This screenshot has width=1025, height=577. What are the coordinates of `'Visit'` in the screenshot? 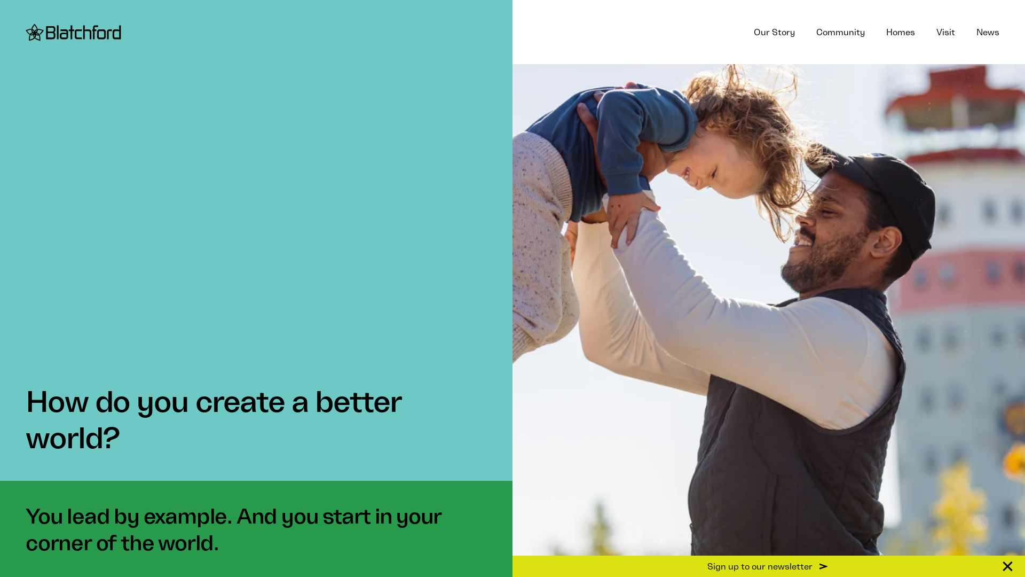 It's located at (925, 32).